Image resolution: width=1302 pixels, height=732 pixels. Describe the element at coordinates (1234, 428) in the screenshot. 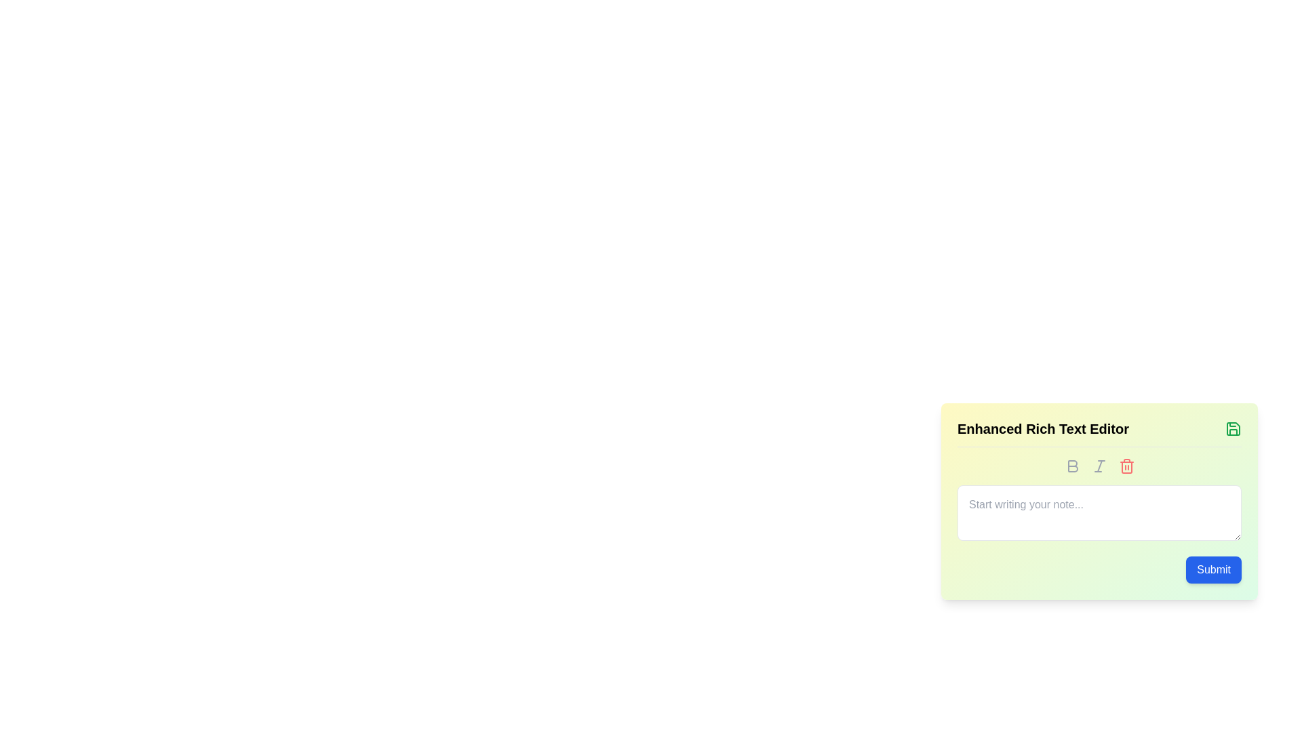

I see `the green floppy disk icon in the header of the 'Enhanced Rich Text Editor' card` at that location.